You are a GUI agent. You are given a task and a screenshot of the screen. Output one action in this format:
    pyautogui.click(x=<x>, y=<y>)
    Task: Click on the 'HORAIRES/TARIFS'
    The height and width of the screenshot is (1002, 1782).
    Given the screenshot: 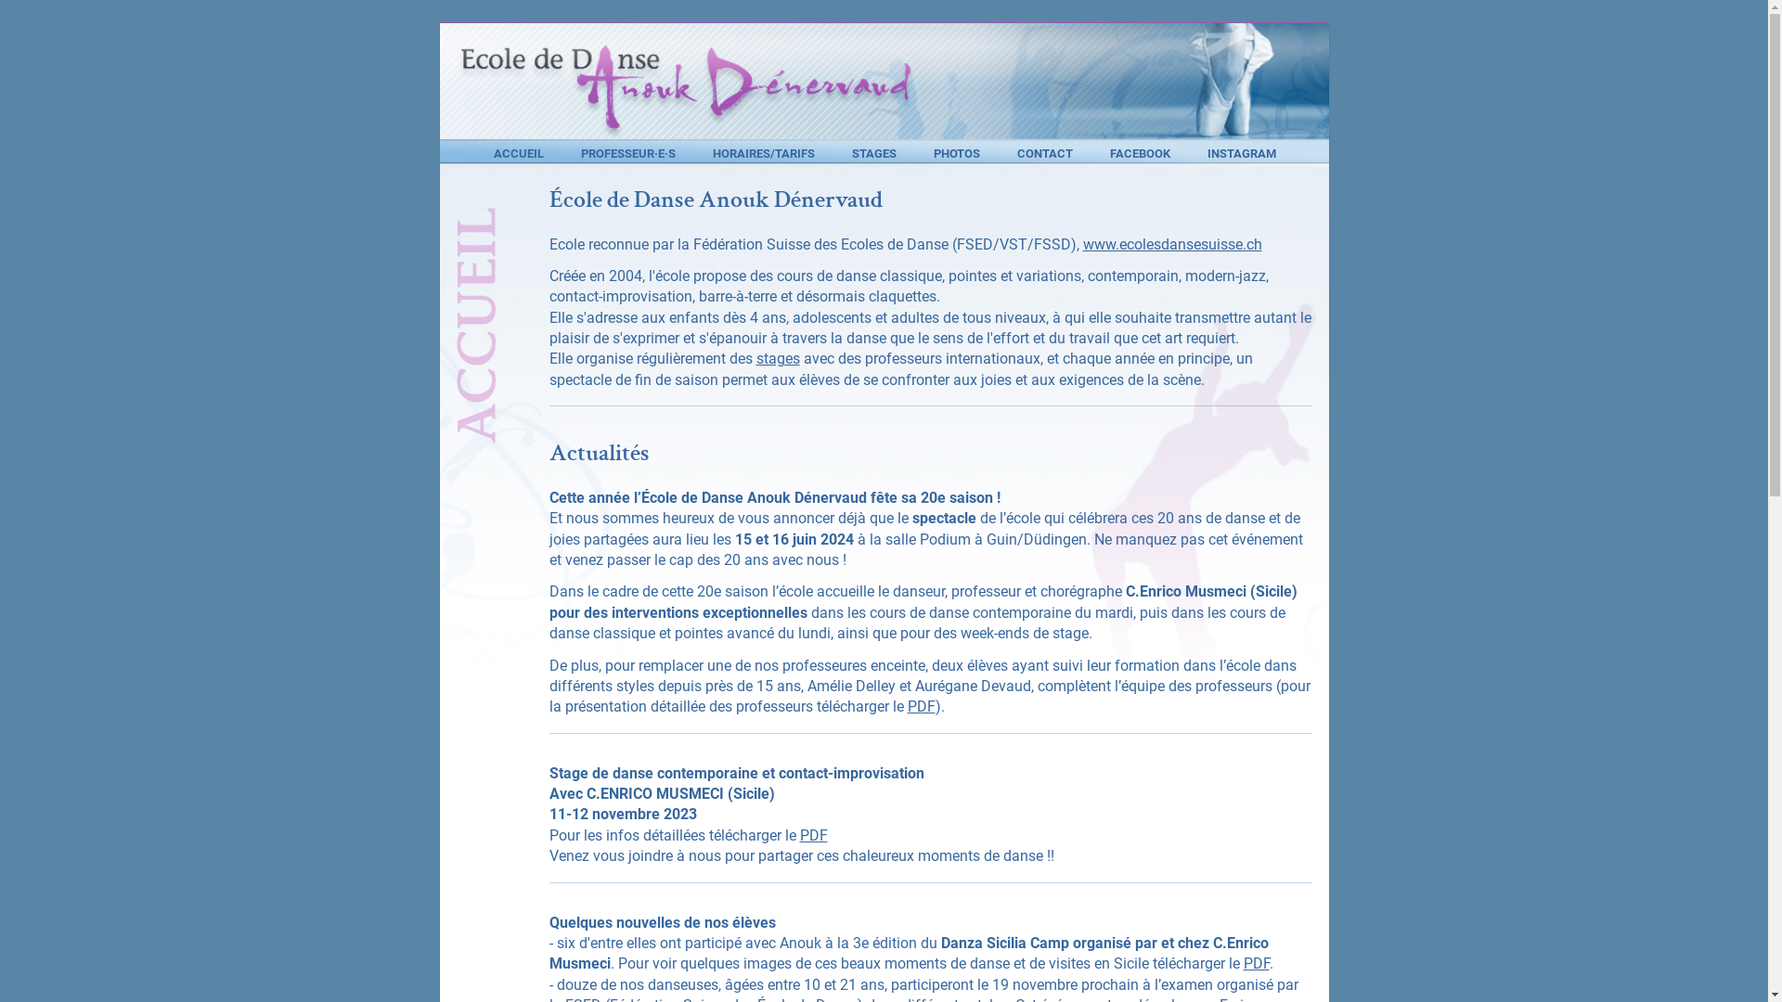 What is the action you would take?
    pyautogui.click(x=763, y=152)
    